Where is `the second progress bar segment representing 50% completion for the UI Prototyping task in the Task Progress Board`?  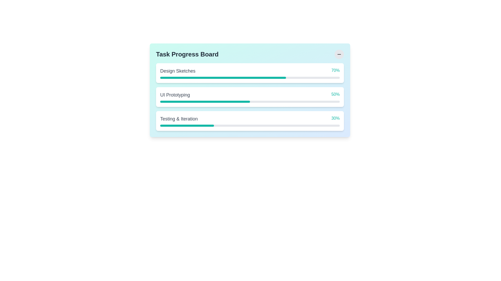
the second progress bar segment representing 50% completion for the UI Prototyping task in the Task Progress Board is located at coordinates (205, 101).